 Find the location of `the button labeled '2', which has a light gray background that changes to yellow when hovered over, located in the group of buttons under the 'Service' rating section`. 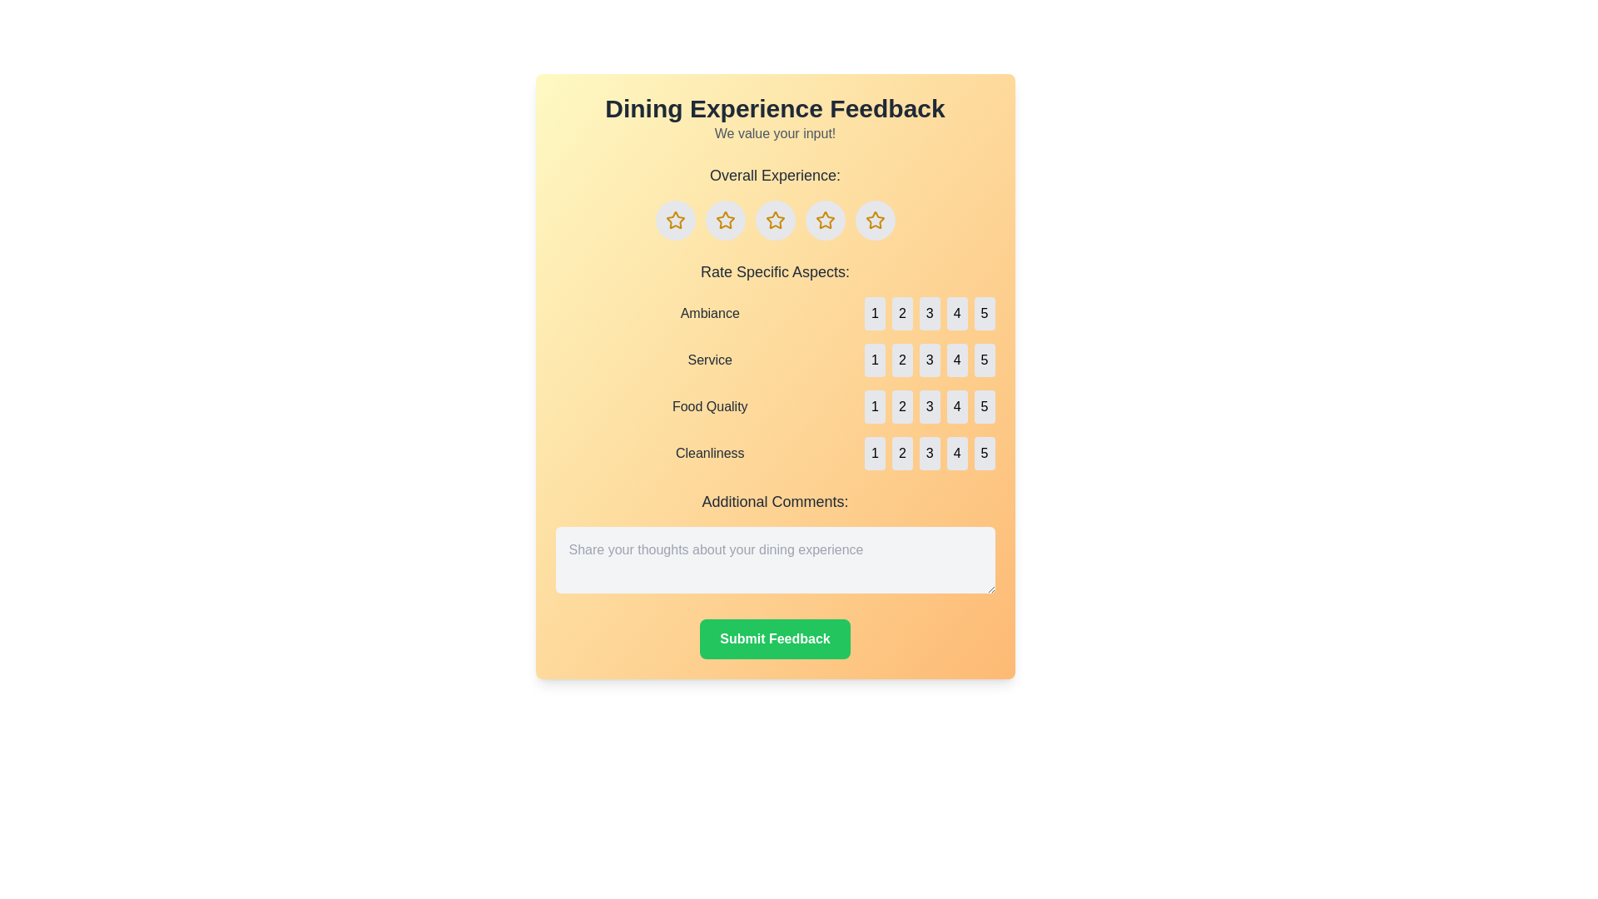

the button labeled '2', which has a light gray background that changes to yellow when hovered over, located in the group of buttons under the 'Service' rating section is located at coordinates (901, 359).